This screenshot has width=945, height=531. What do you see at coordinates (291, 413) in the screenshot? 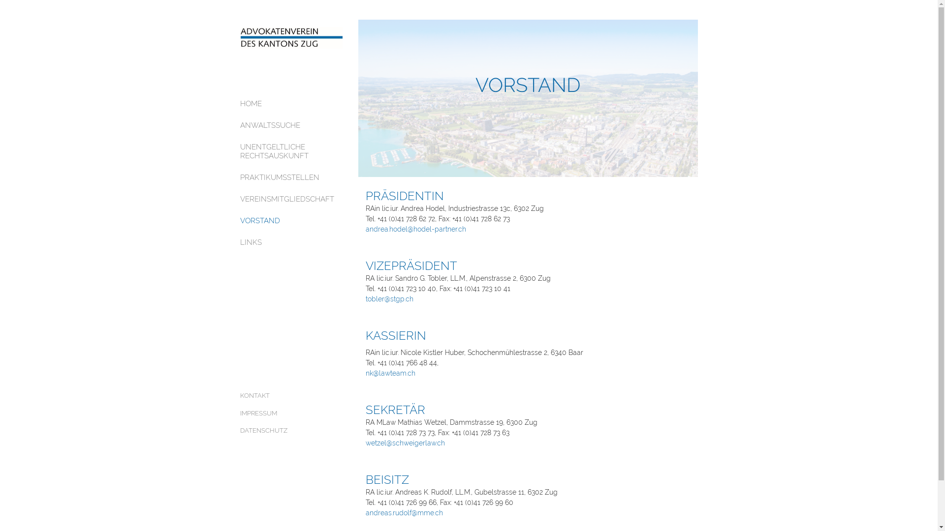
I see `'IMPRESSUM'` at bounding box center [291, 413].